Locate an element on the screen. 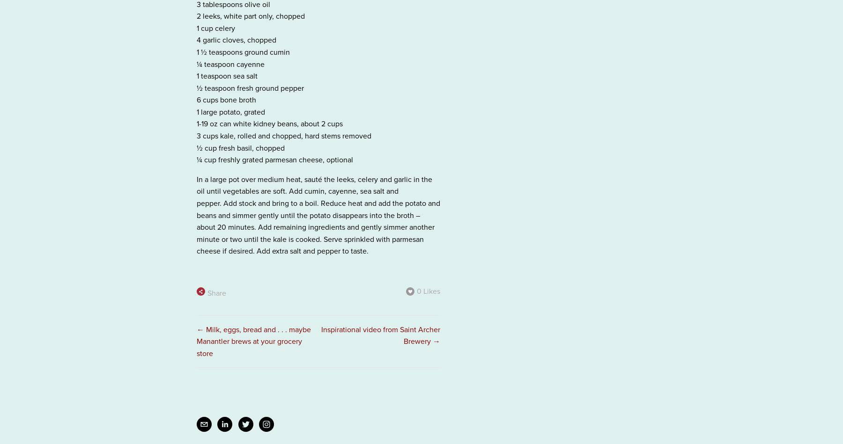  '4 garlic cloves, chopped' is located at coordinates (236, 40).